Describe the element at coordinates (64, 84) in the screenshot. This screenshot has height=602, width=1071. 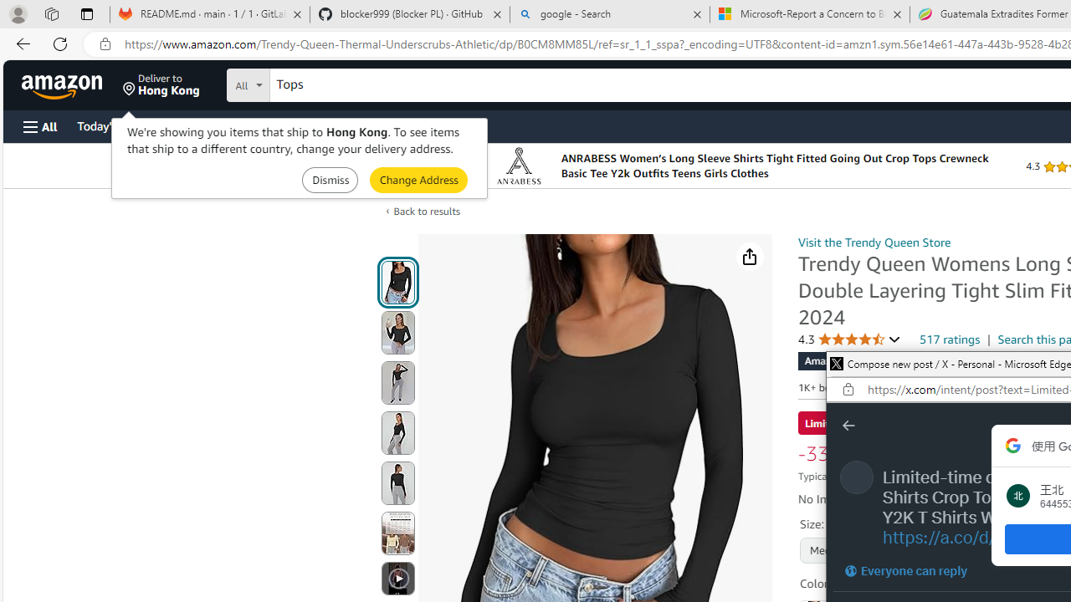
I see `'Amazon'` at that location.